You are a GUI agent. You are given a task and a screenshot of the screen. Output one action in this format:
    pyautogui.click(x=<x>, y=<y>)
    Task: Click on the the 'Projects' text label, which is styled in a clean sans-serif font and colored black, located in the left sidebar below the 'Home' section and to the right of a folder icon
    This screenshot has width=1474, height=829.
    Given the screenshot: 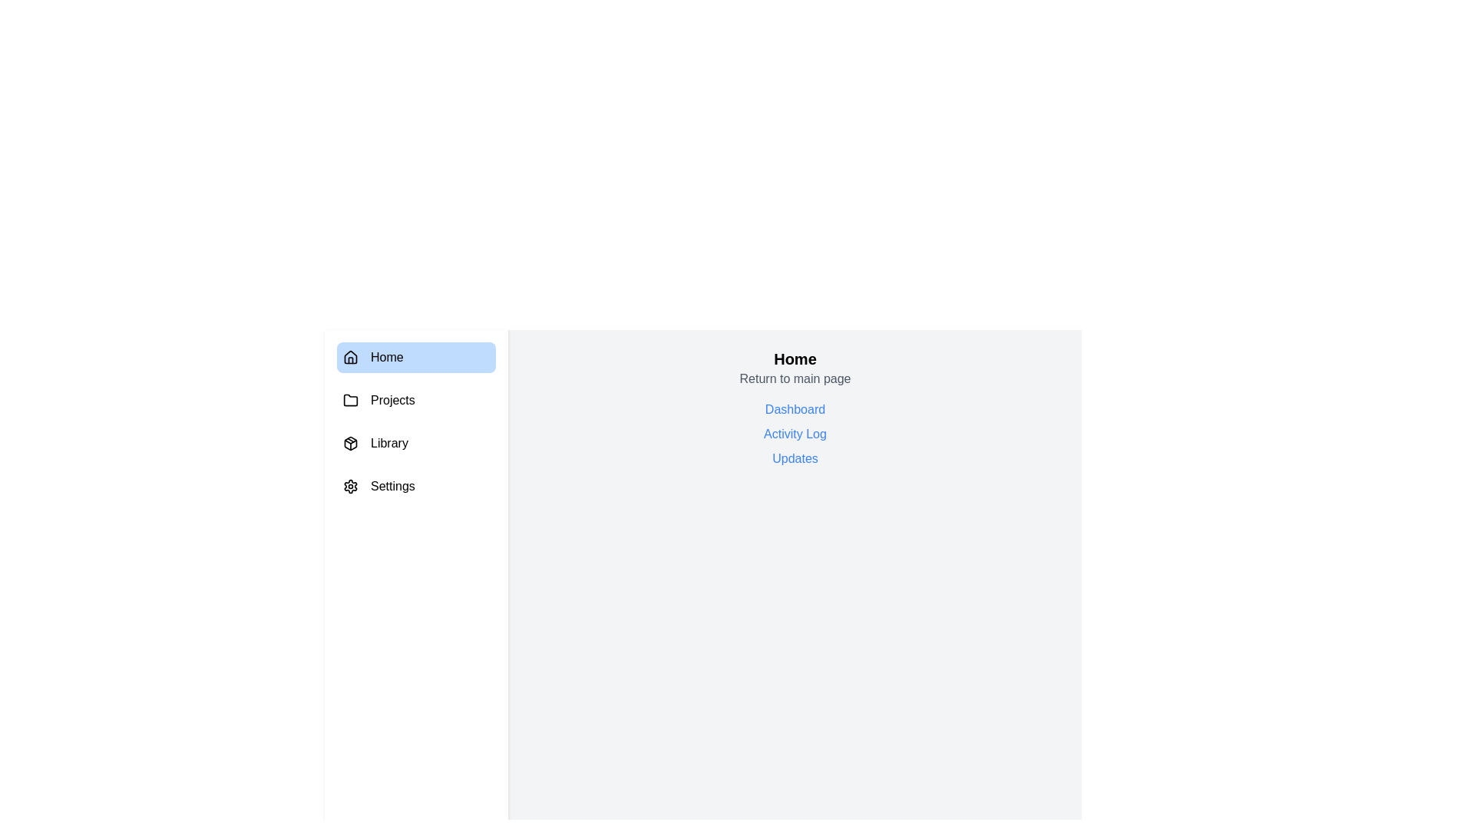 What is the action you would take?
    pyautogui.click(x=392, y=399)
    